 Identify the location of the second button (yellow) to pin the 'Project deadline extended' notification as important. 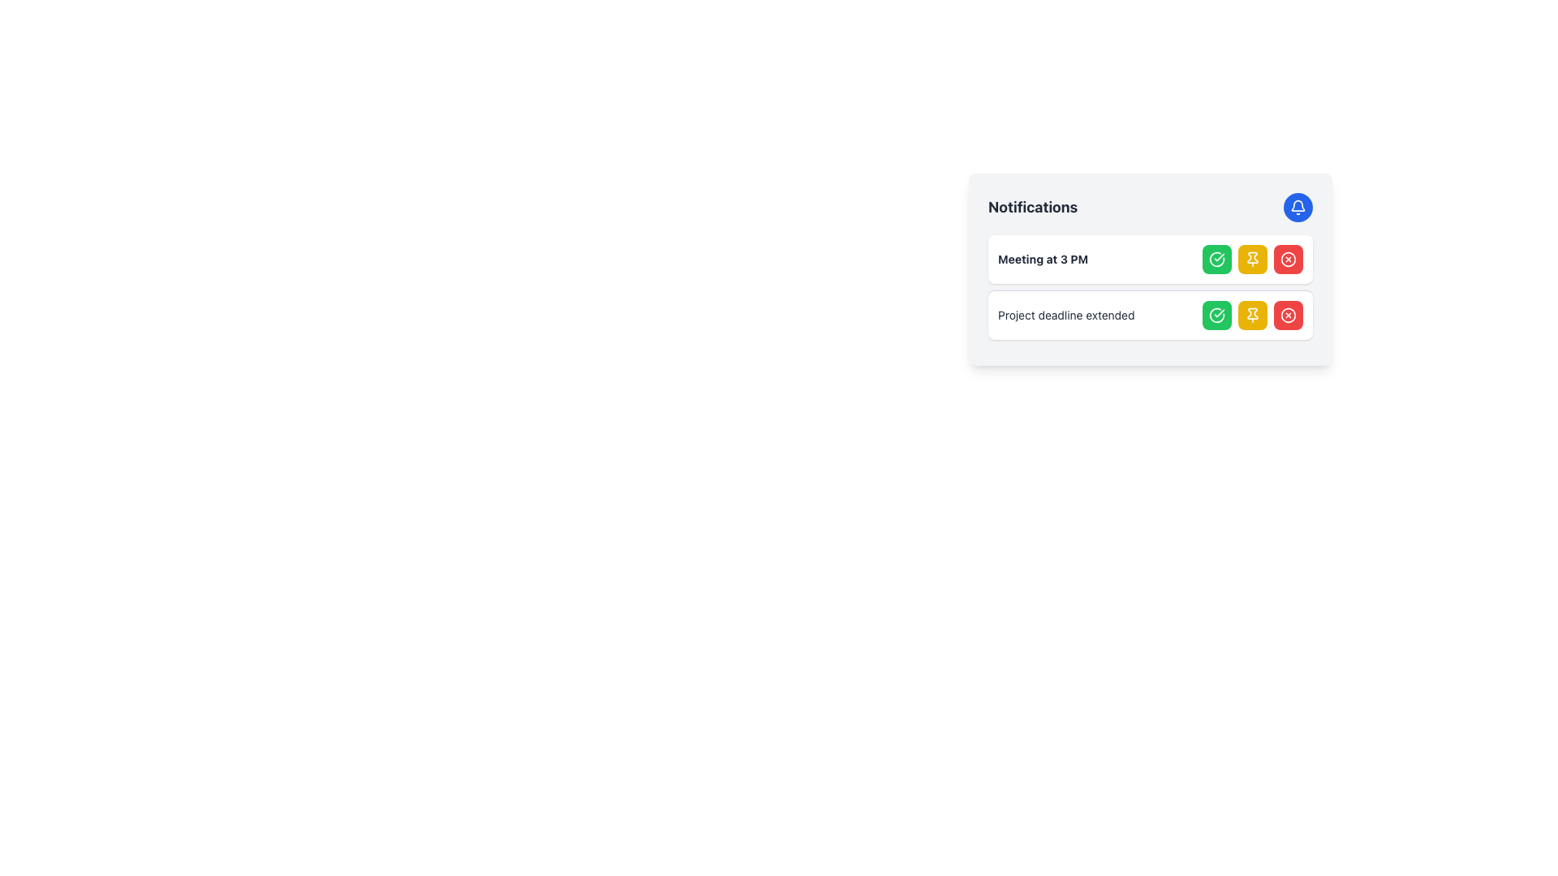
(1252, 316).